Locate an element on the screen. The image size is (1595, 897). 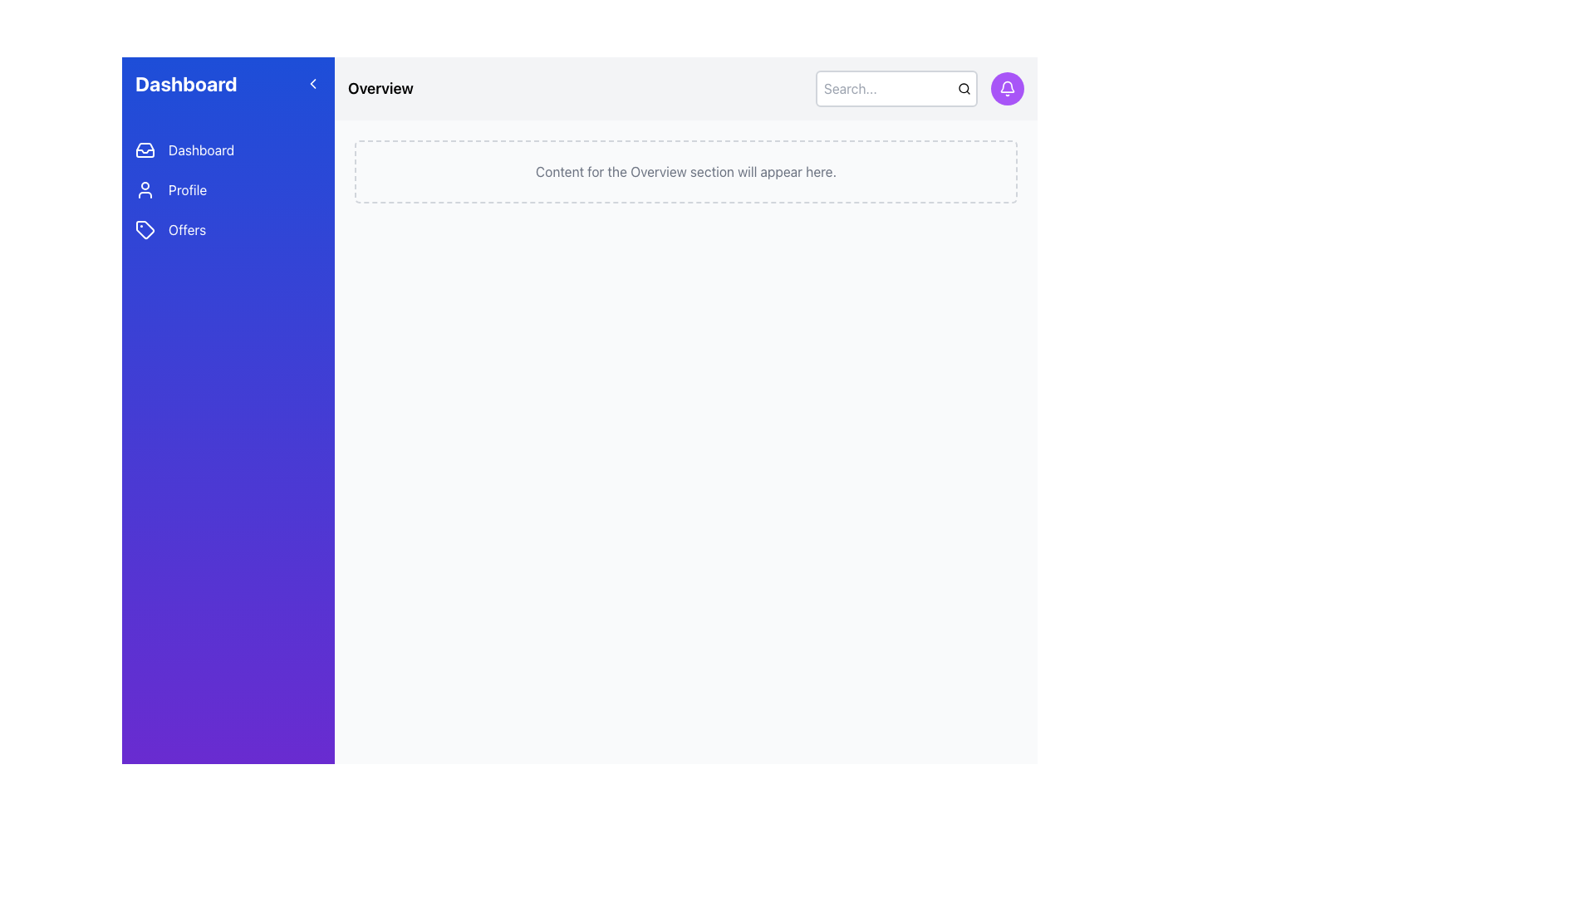
the decorative icon indicating the purpose of the adjacent text input field for search, located on the right edge of the input field is located at coordinates (964, 89).